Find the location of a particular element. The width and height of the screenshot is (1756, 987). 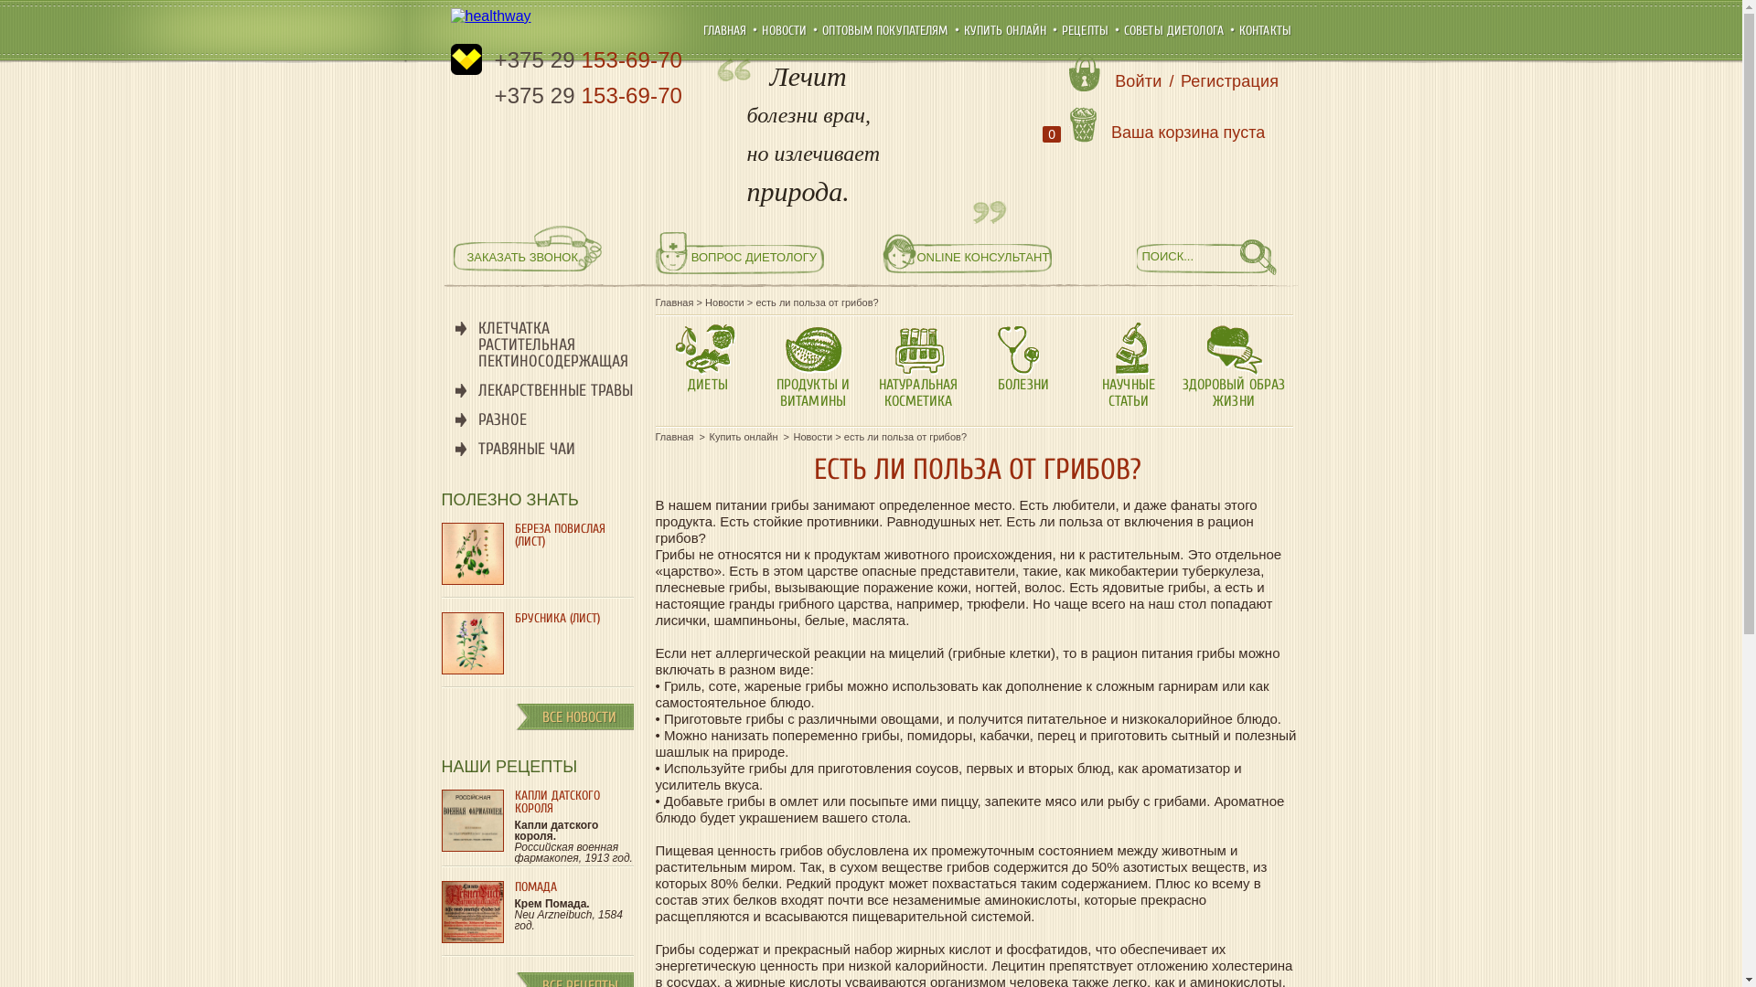

'+375 29 153-69-70' is located at coordinates (588, 95).